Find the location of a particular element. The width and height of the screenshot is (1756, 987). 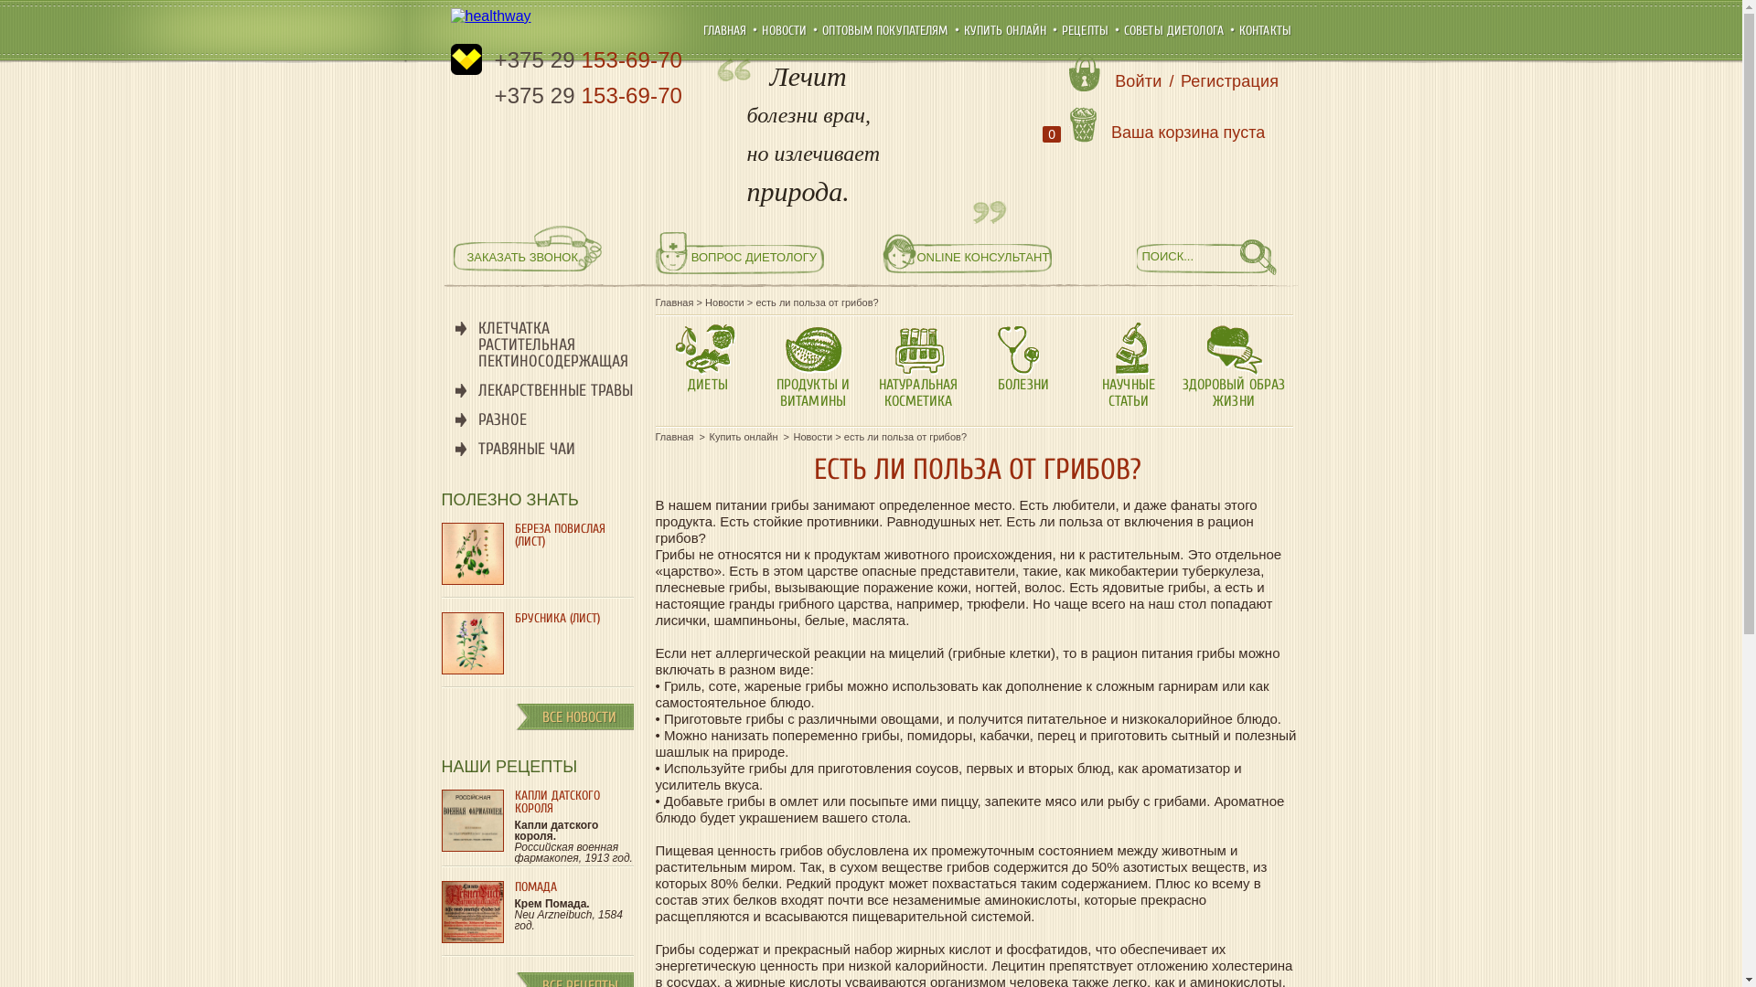

'+375 29 153-69-70' is located at coordinates (588, 95).